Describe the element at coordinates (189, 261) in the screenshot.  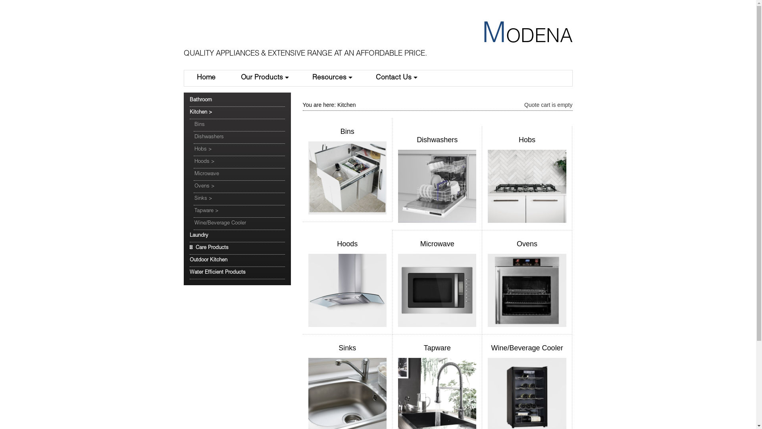
I see `'Outdoor Kitchen'` at that location.